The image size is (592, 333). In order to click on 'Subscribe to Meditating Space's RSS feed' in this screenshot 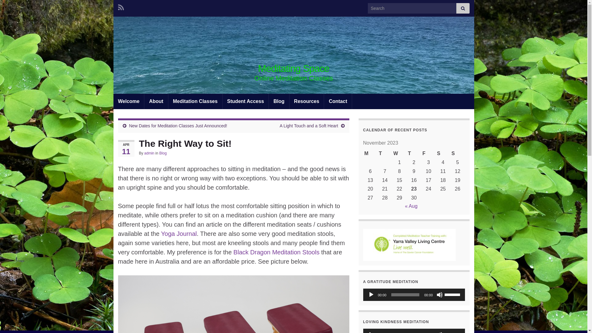, I will do `click(118, 6)`.